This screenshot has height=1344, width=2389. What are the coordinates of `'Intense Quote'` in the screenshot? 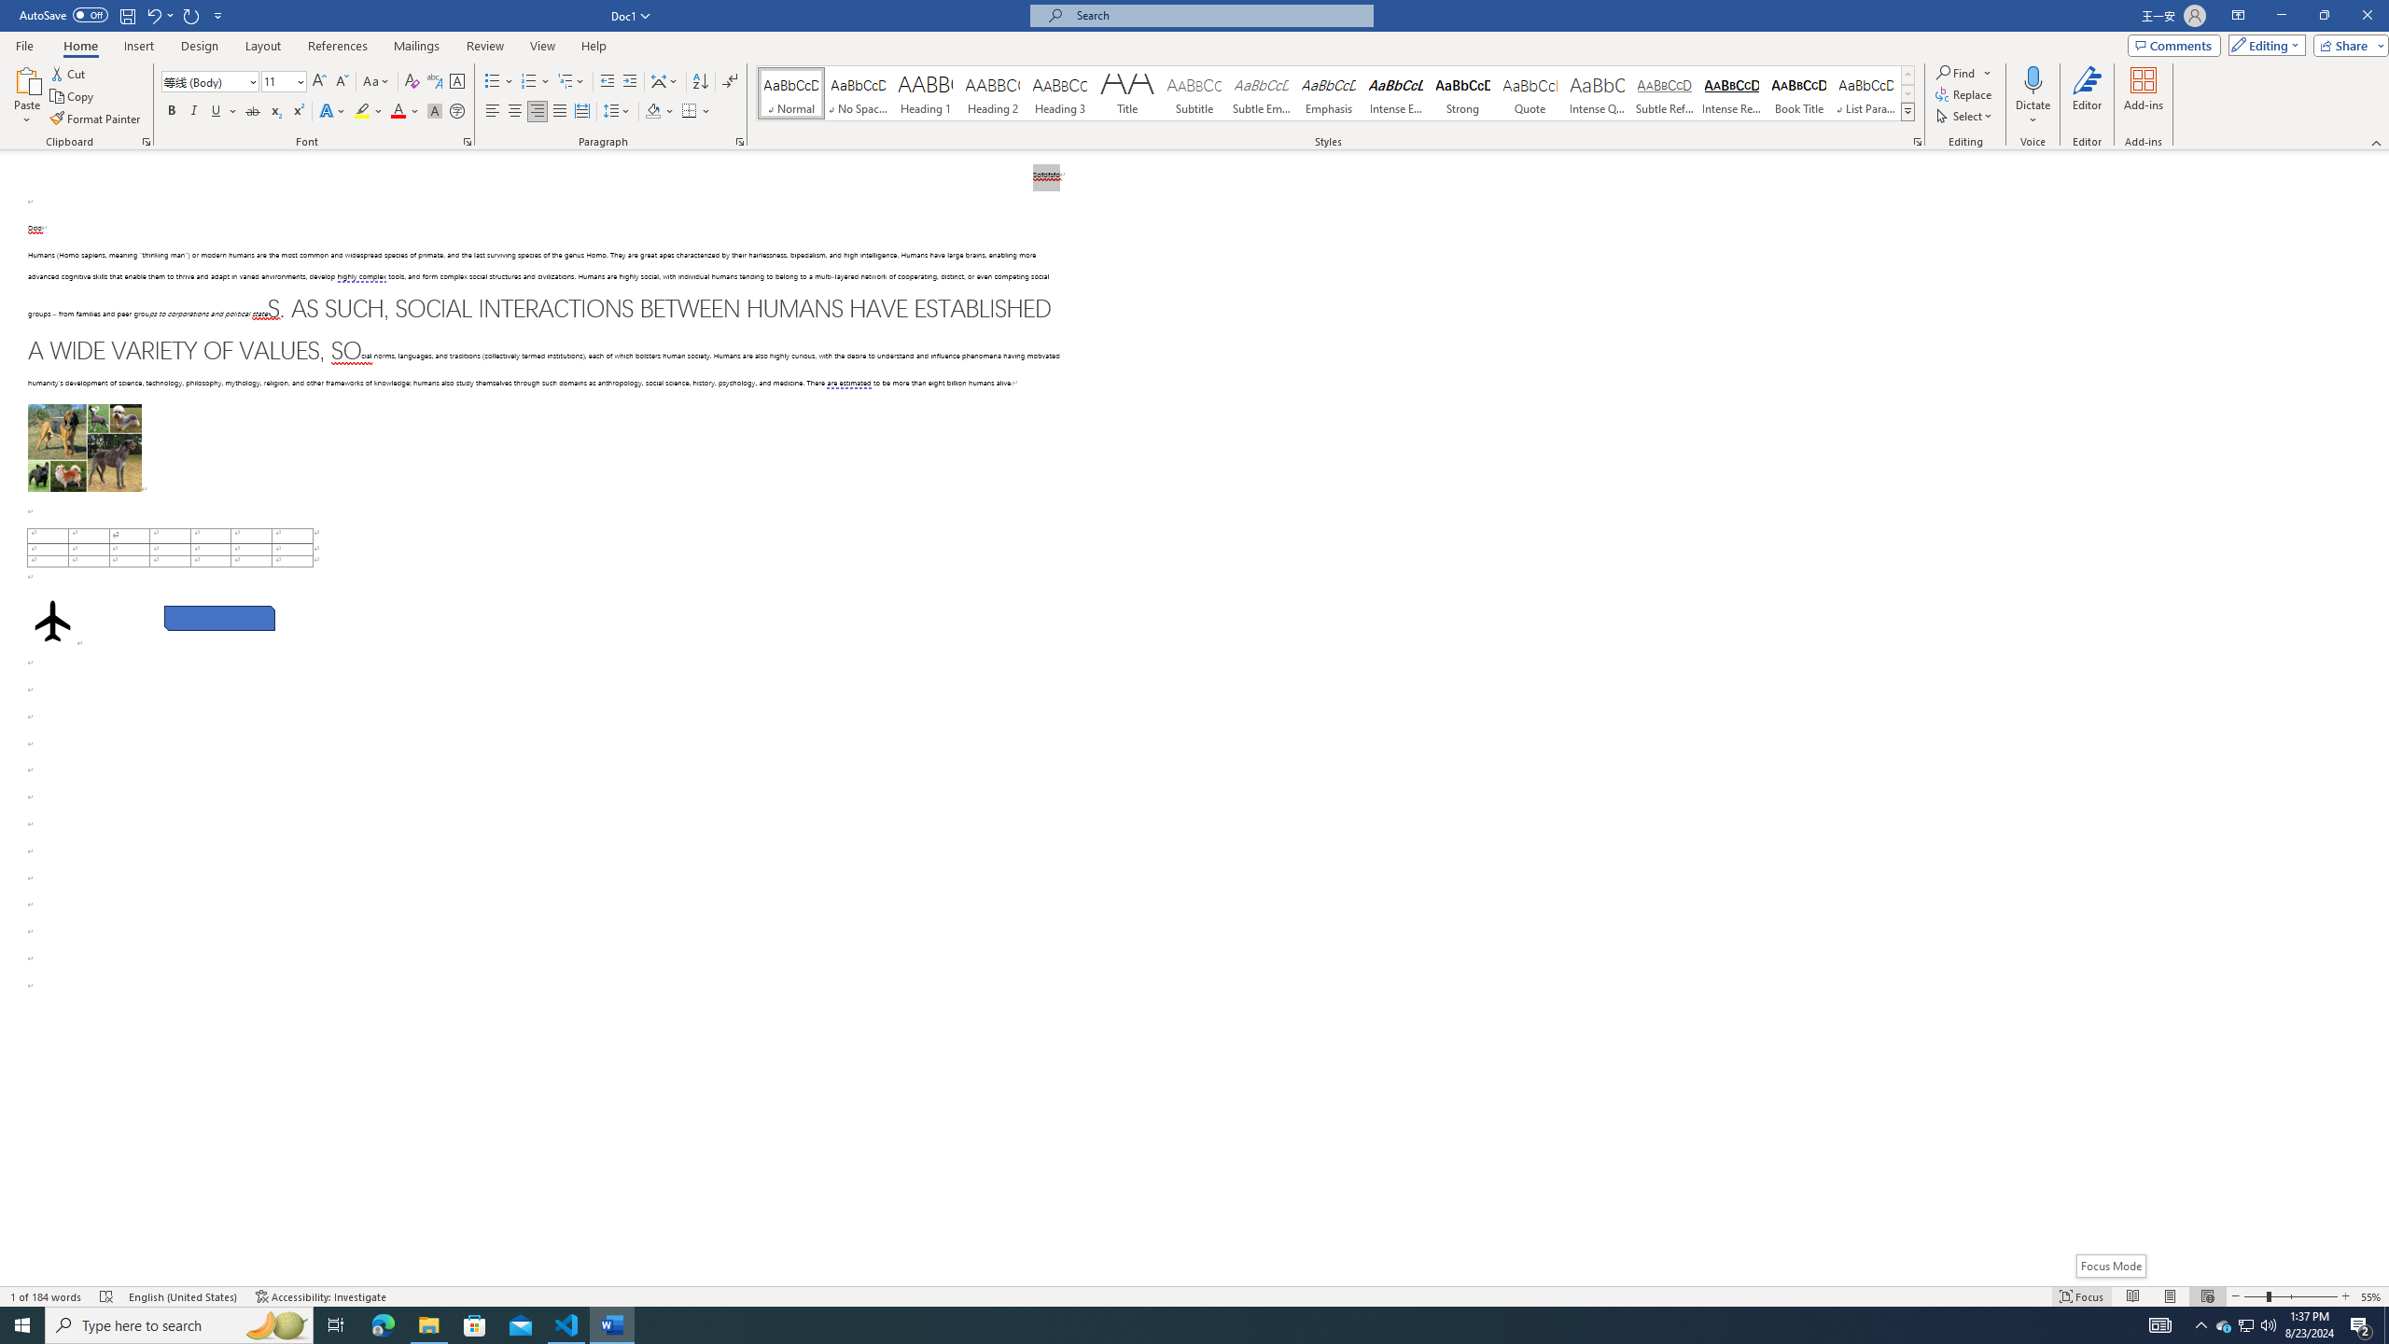 It's located at (1598, 92).